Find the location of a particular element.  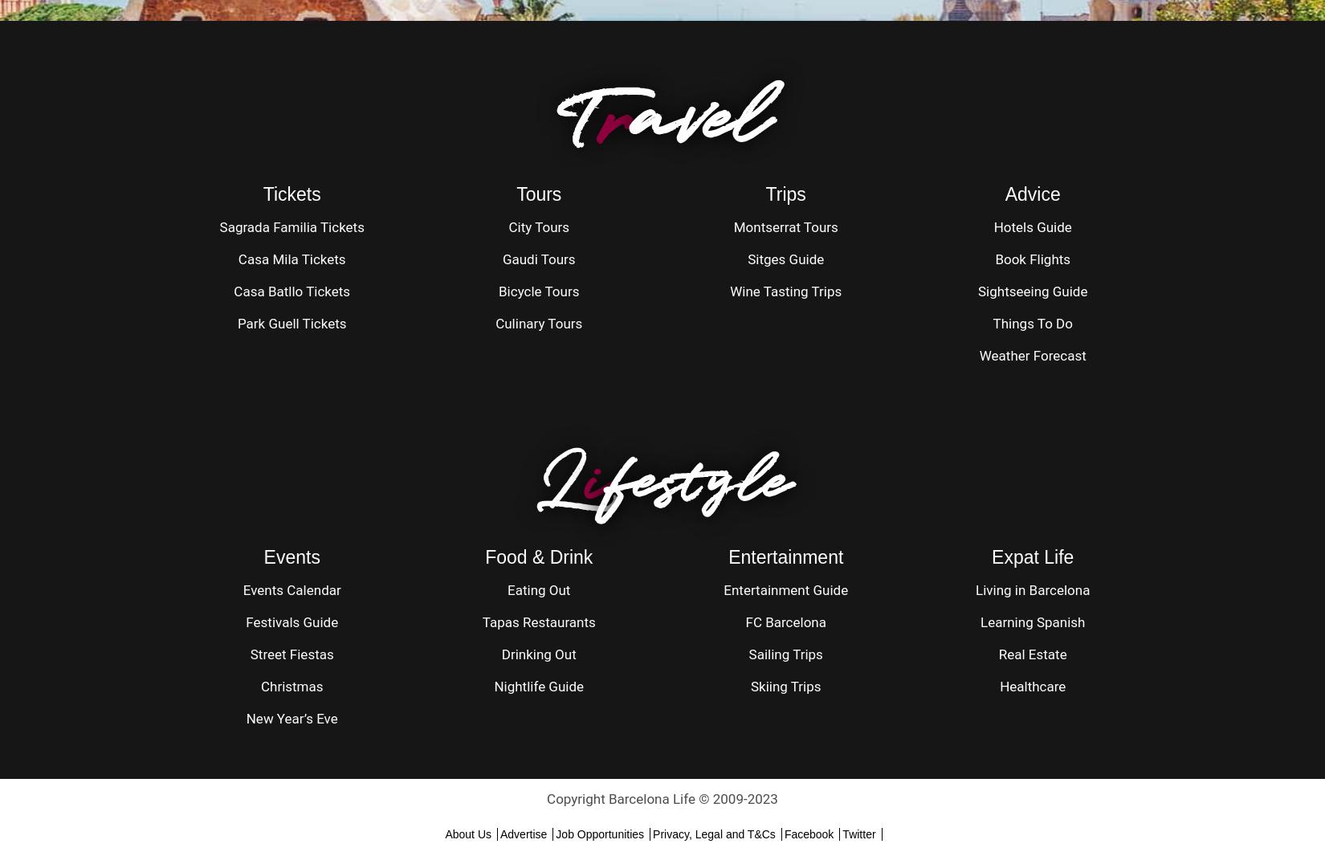

'festyle' is located at coordinates (608, 482).